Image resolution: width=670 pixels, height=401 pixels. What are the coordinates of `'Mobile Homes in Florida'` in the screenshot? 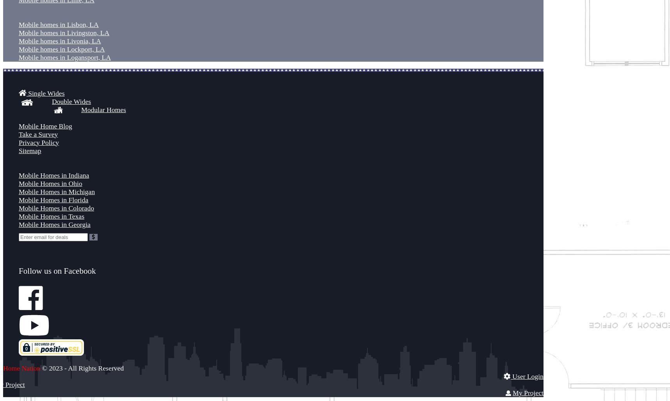 It's located at (53, 200).